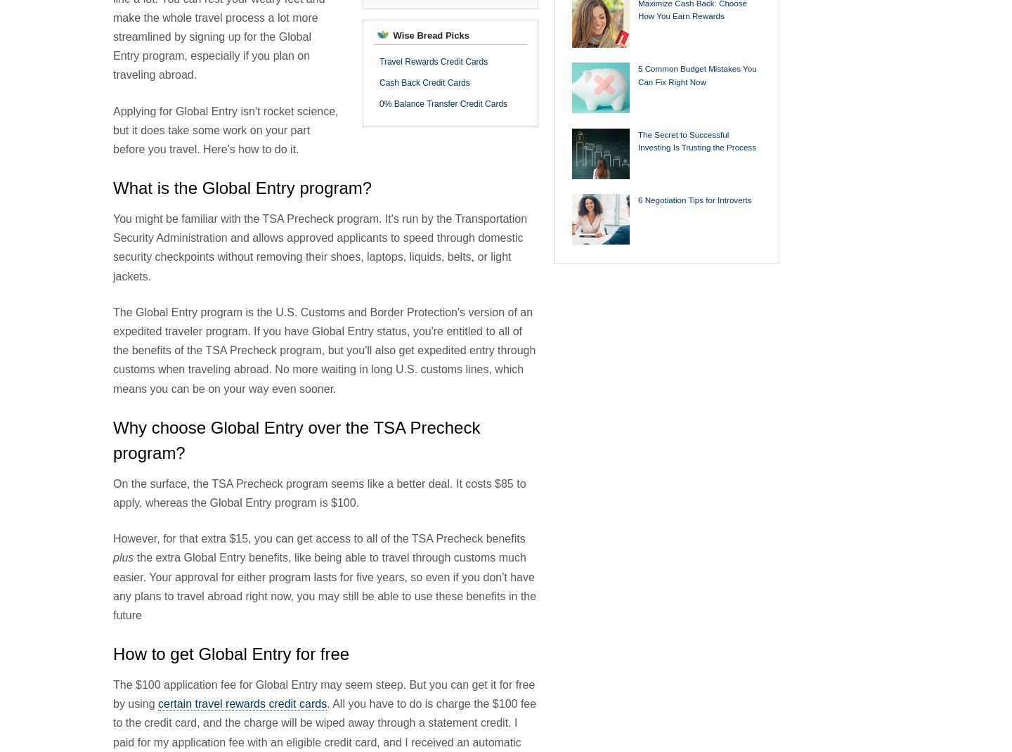 The height and width of the screenshot is (752, 1012). What do you see at coordinates (112, 538) in the screenshot?
I see `'However, for that extra $15, you can get access to all of the TSA Precheck benefits'` at bounding box center [112, 538].